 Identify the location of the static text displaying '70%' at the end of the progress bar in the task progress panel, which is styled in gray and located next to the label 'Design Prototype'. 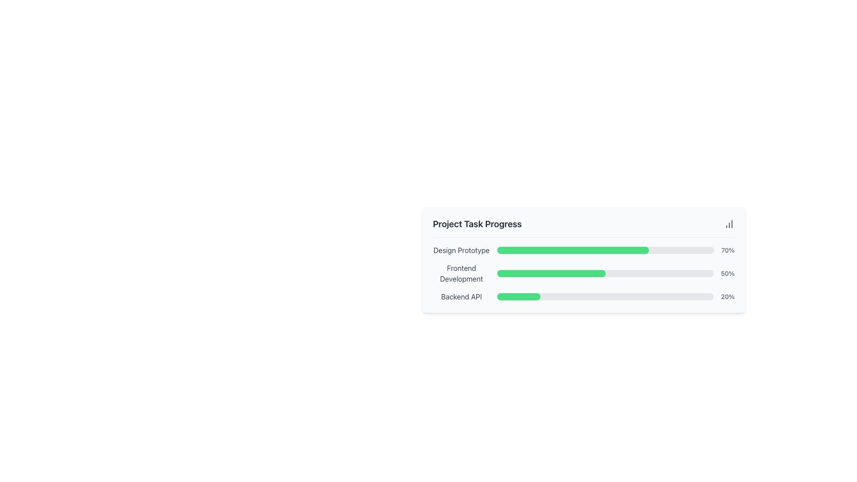
(728, 250).